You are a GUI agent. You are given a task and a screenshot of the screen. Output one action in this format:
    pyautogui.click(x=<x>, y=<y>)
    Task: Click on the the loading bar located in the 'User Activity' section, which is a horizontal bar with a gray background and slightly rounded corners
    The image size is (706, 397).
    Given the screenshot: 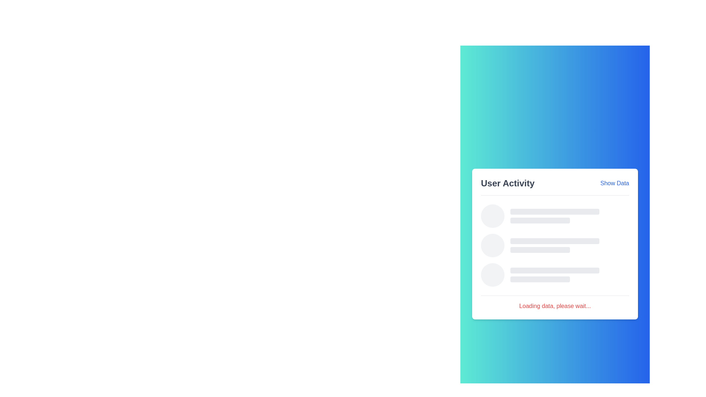 What is the action you would take?
    pyautogui.click(x=555, y=211)
    